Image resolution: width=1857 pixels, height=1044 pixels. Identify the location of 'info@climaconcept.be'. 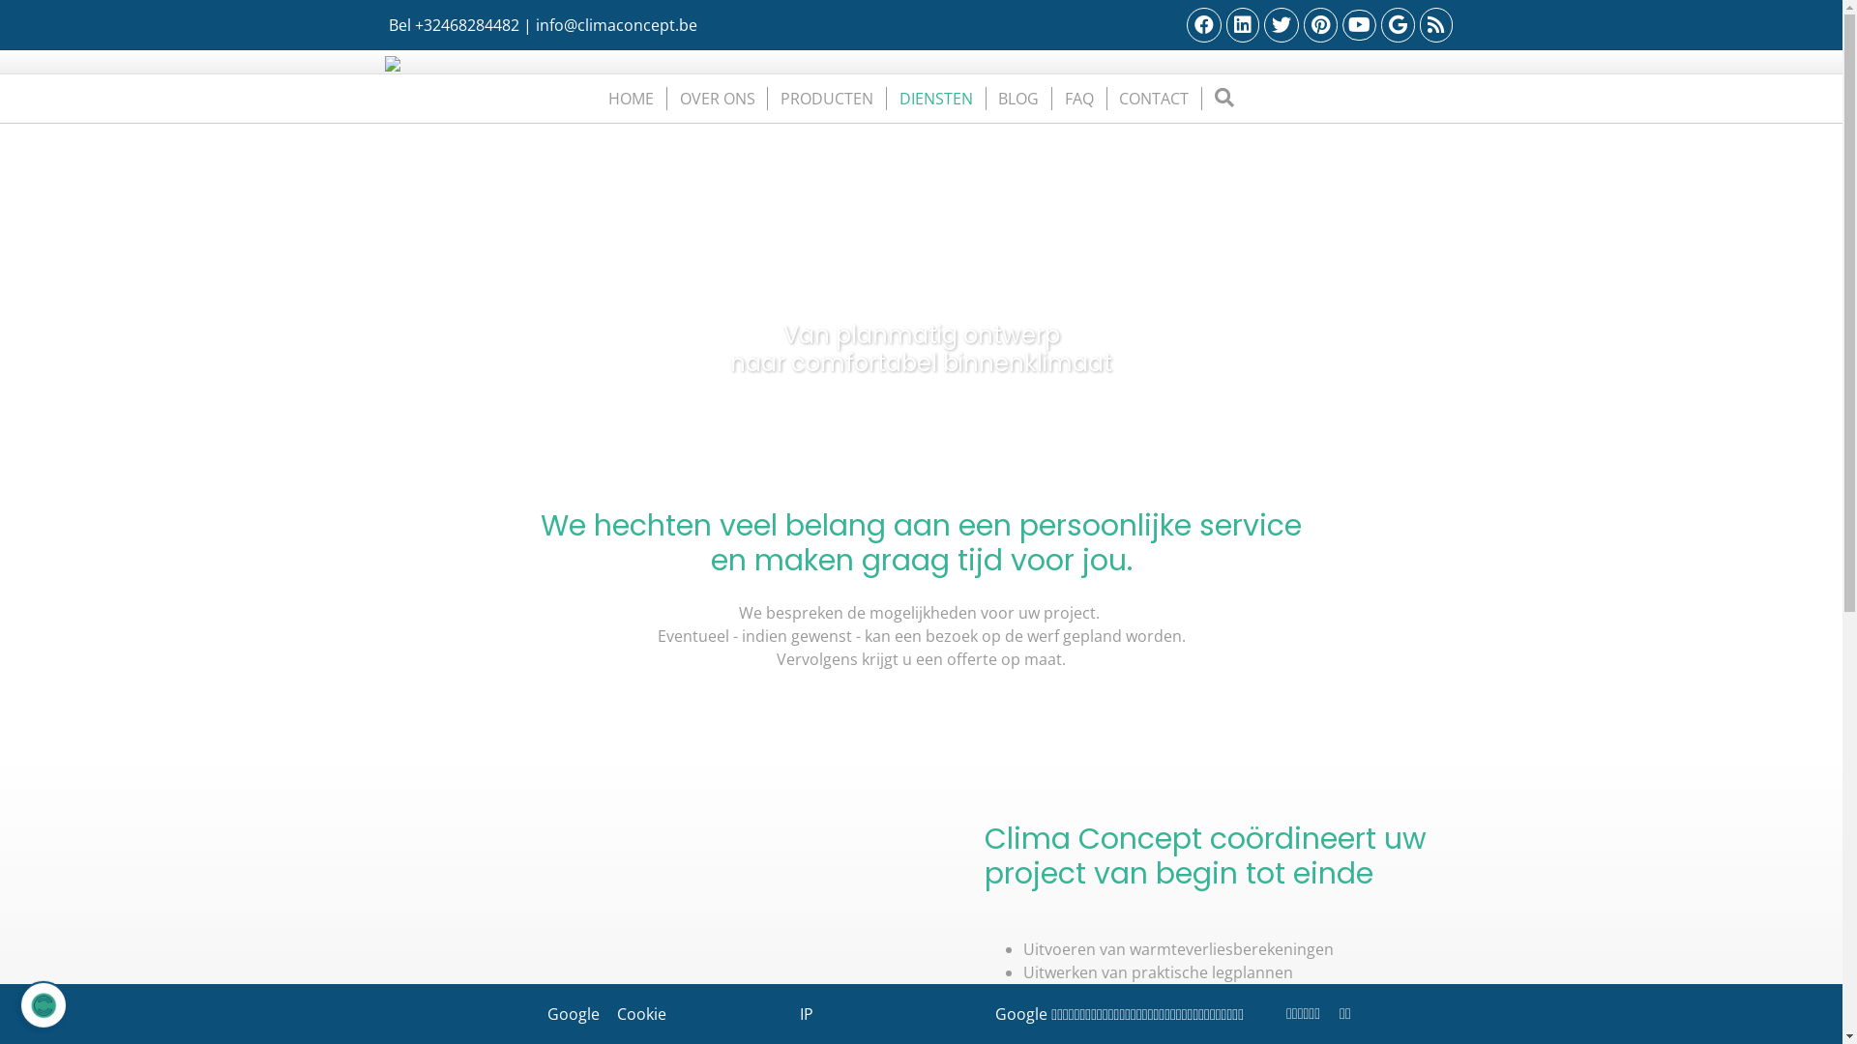
(535, 25).